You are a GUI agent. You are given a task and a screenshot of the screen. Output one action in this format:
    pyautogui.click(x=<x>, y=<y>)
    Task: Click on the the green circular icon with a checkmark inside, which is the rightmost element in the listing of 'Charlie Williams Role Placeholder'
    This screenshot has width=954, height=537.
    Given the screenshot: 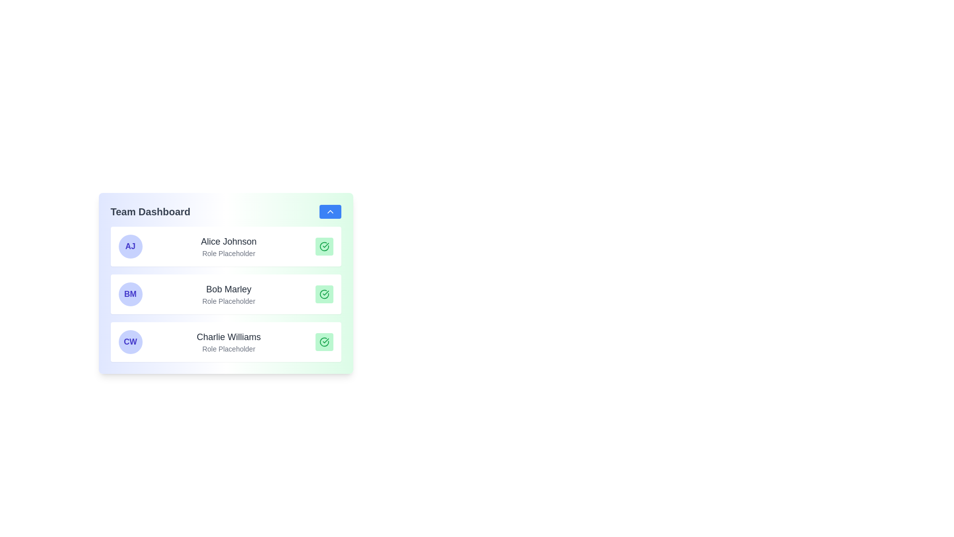 What is the action you would take?
    pyautogui.click(x=324, y=341)
    